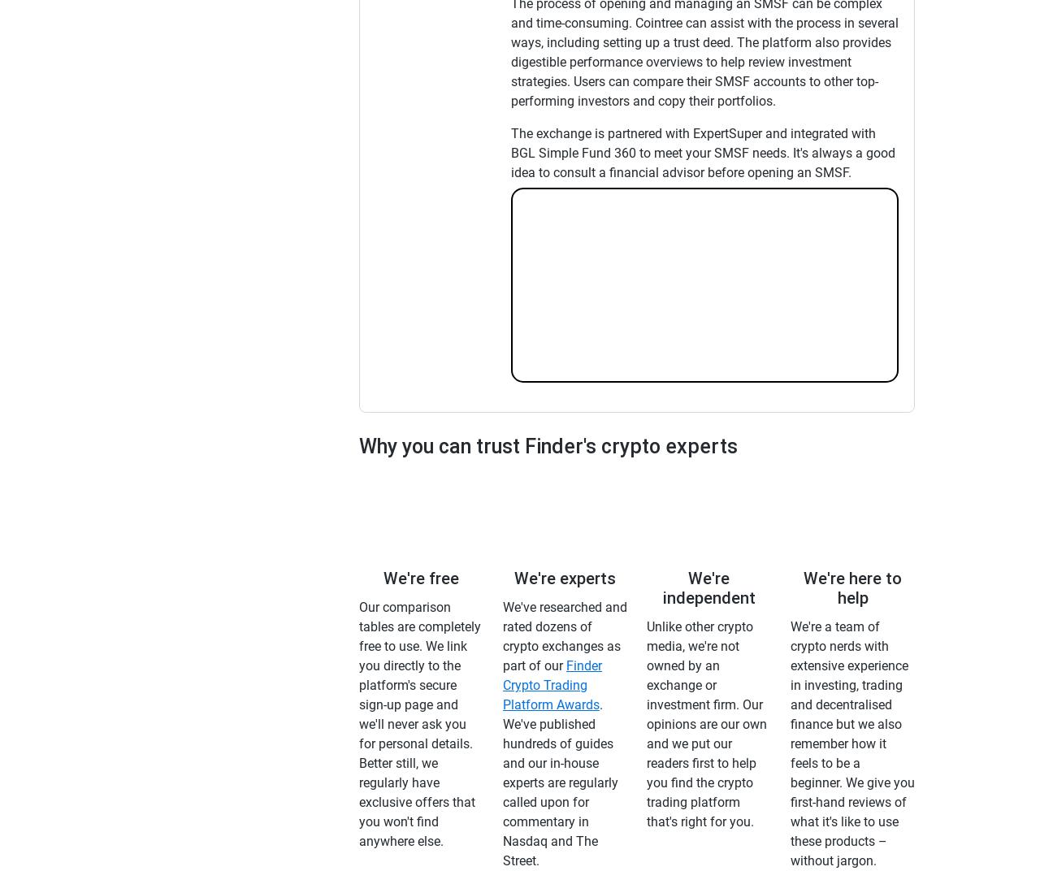  Describe the element at coordinates (419, 724) in the screenshot. I see `'Our comparison tables are completely free to use. We link you directly to the platform's secure sign-up page and we'll never ask you for personal details. Better still, we regularly have exclusive offers that you won't find anywhere else.'` at that location.